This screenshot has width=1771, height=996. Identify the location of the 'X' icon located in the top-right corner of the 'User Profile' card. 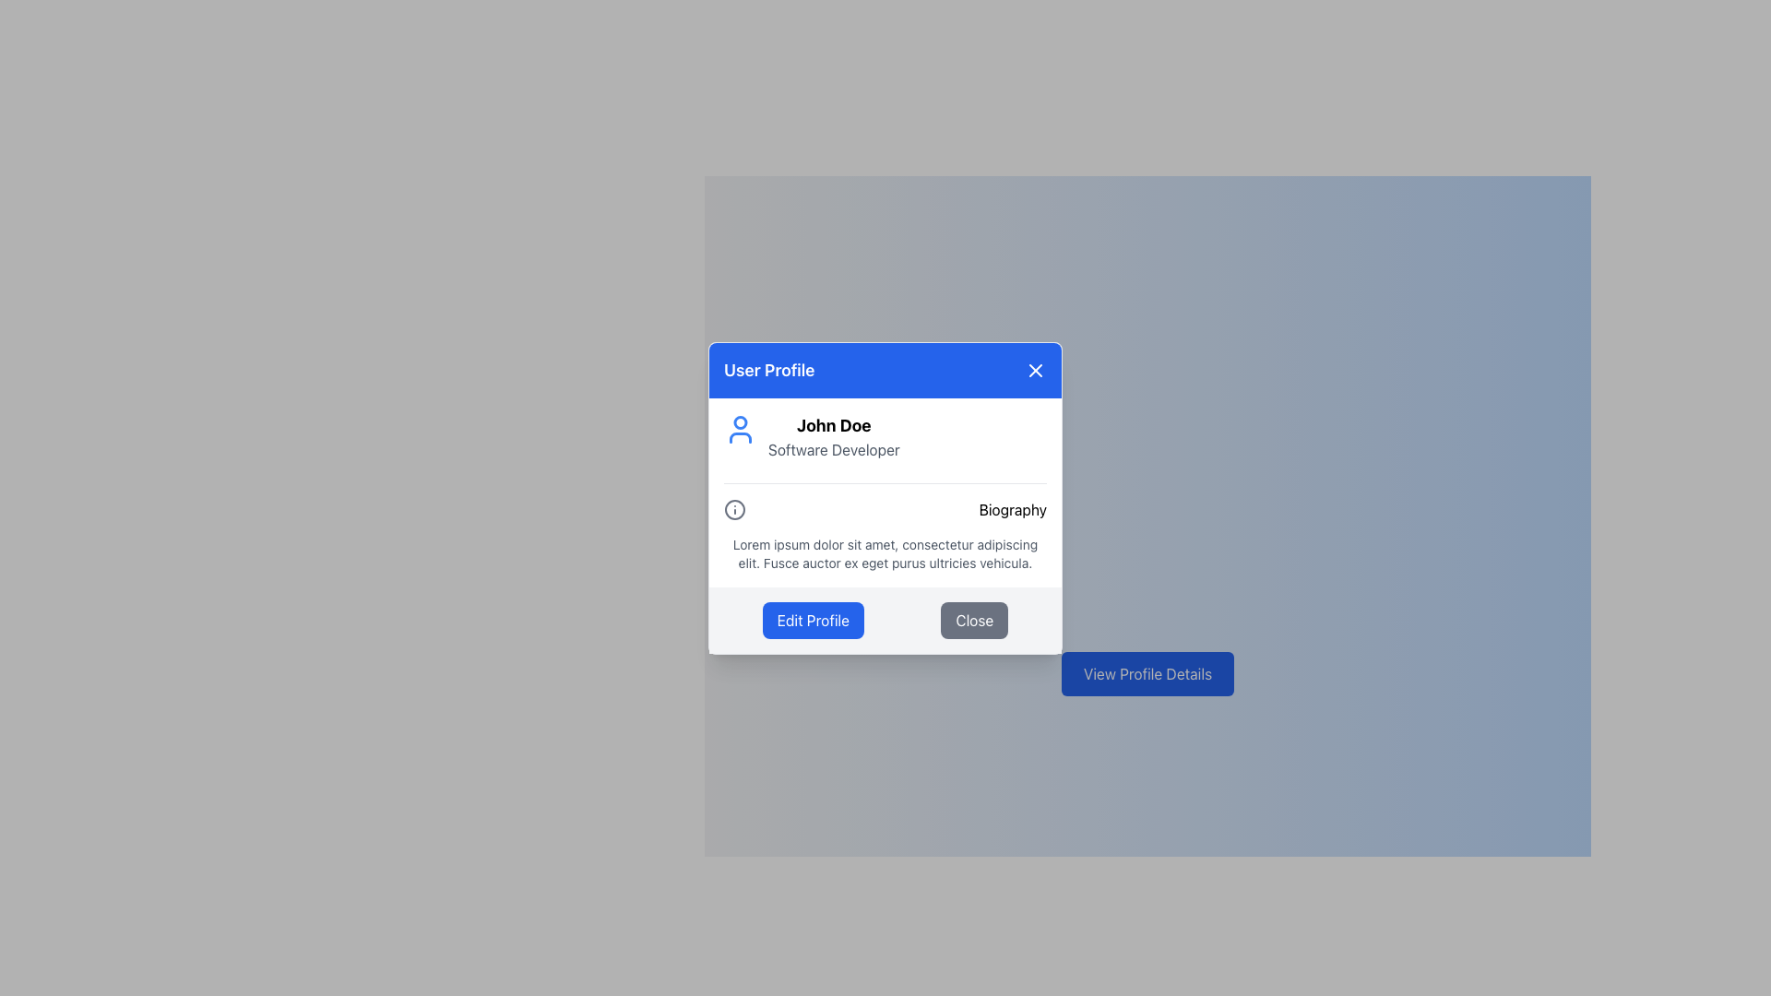
(1036, 370).